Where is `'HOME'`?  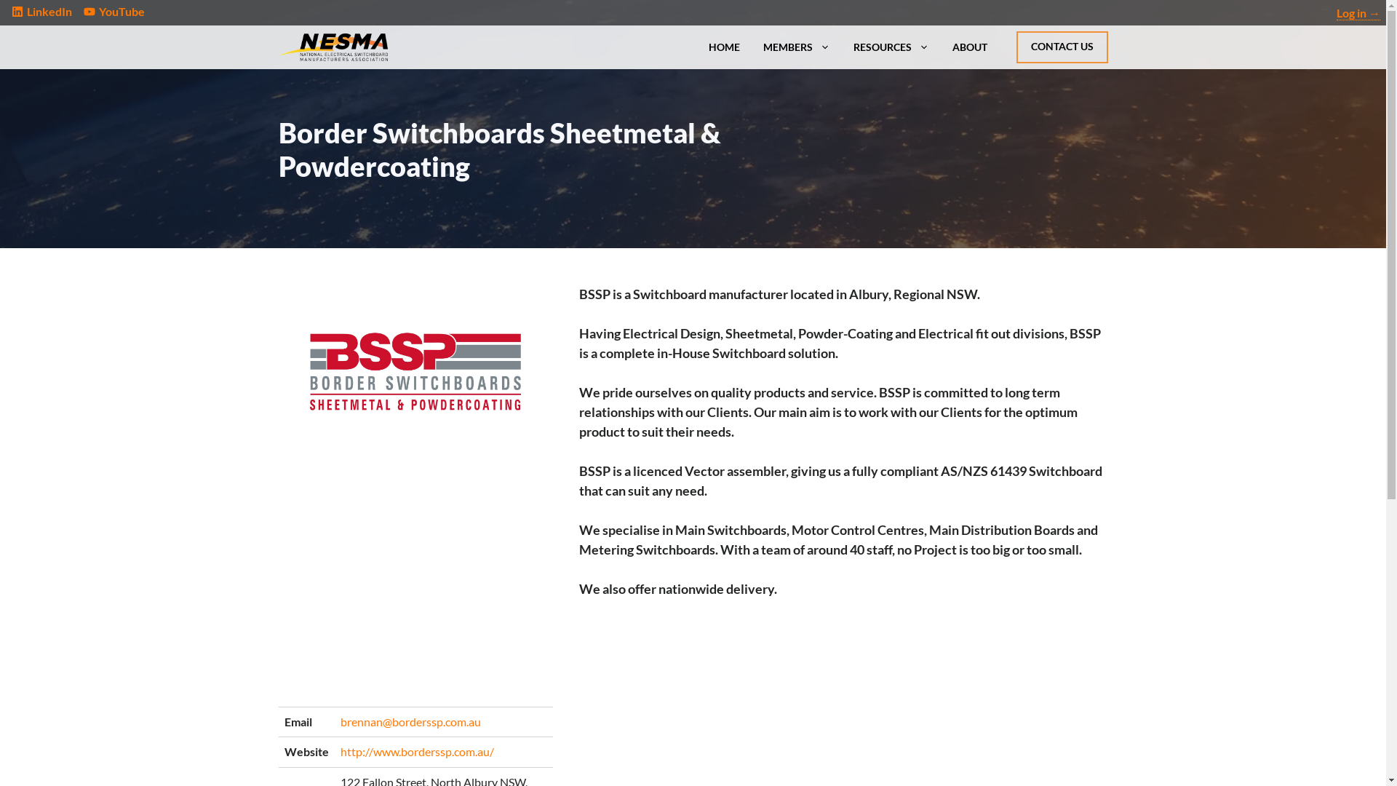
'HOME' is located at coordinates (724, 47).